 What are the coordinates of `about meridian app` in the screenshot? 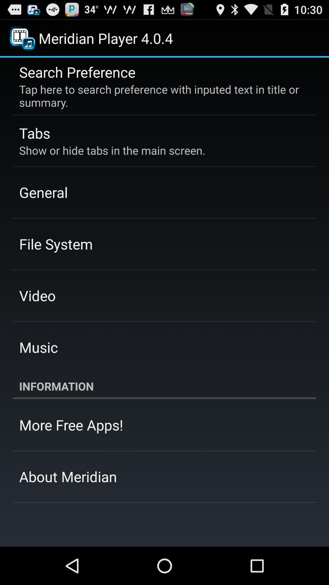 It's located at (68, 476).